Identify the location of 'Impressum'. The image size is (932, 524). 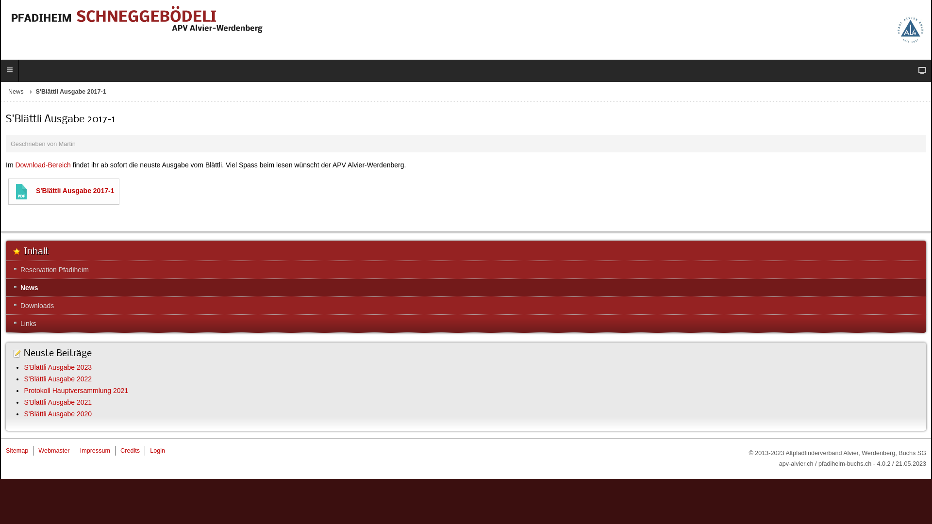
(95, 451).